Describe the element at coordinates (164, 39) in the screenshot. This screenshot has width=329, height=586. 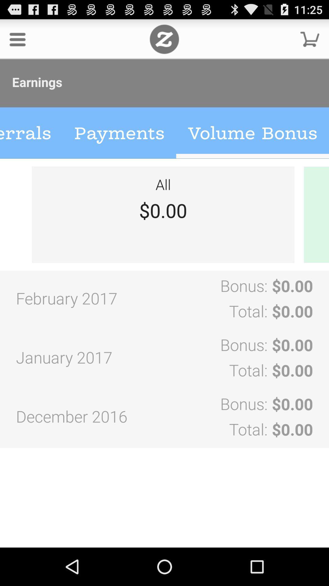
I see `the symbol next to menu` at that location.